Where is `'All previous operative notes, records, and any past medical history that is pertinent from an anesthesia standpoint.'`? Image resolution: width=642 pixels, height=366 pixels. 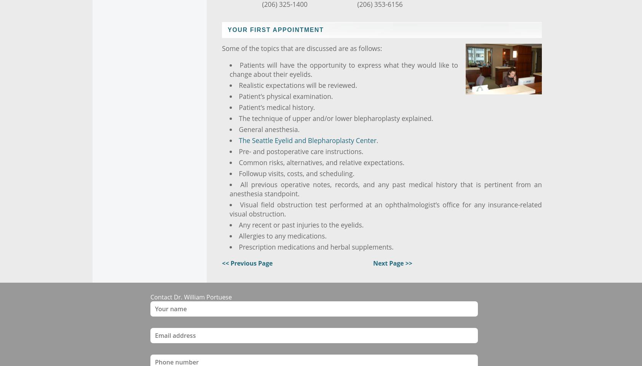
'All previous operative notes, records, and any past medical history that is pertinent from an anesthesia standpoint.' is located at coordinates (385, 188).